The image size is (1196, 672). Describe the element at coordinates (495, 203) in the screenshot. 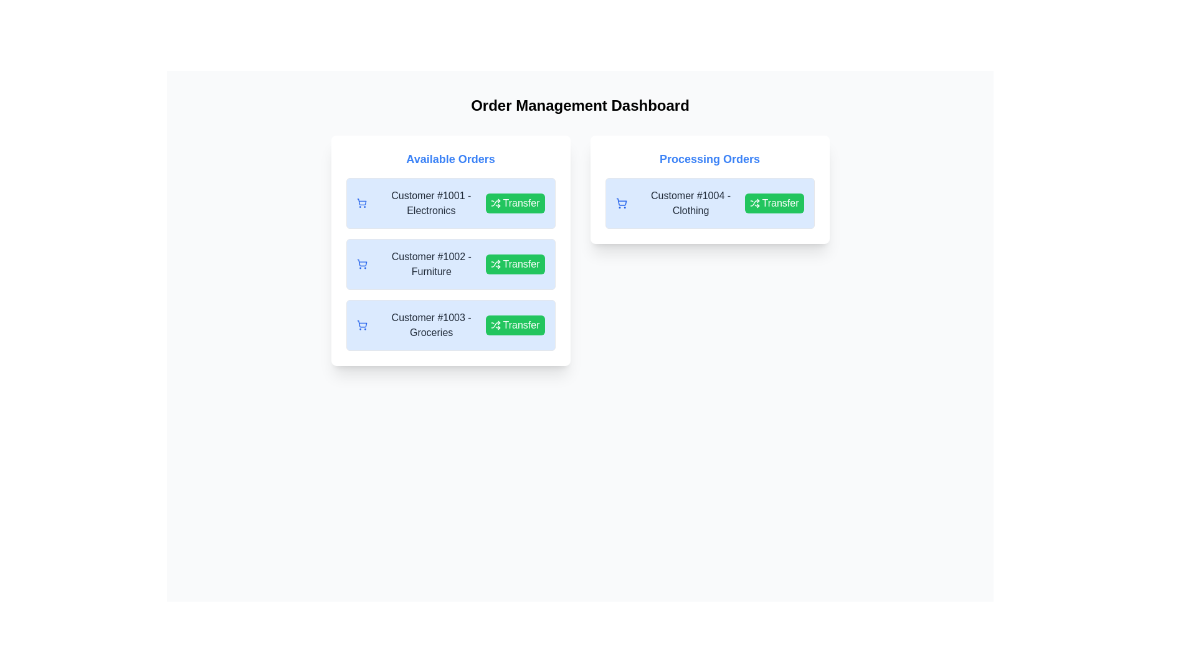

I see `the 'Transfer' button icon located in the first row of the 'Available Orders' section` at that location.